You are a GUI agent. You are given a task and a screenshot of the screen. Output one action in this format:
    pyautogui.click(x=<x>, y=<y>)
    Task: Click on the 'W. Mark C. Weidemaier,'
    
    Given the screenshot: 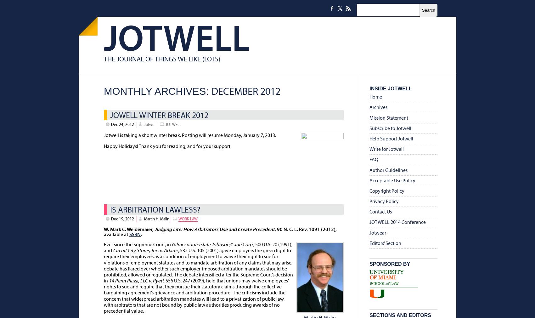 What is the action you would take?
    pyautogui.click(x=129, y=229)
    